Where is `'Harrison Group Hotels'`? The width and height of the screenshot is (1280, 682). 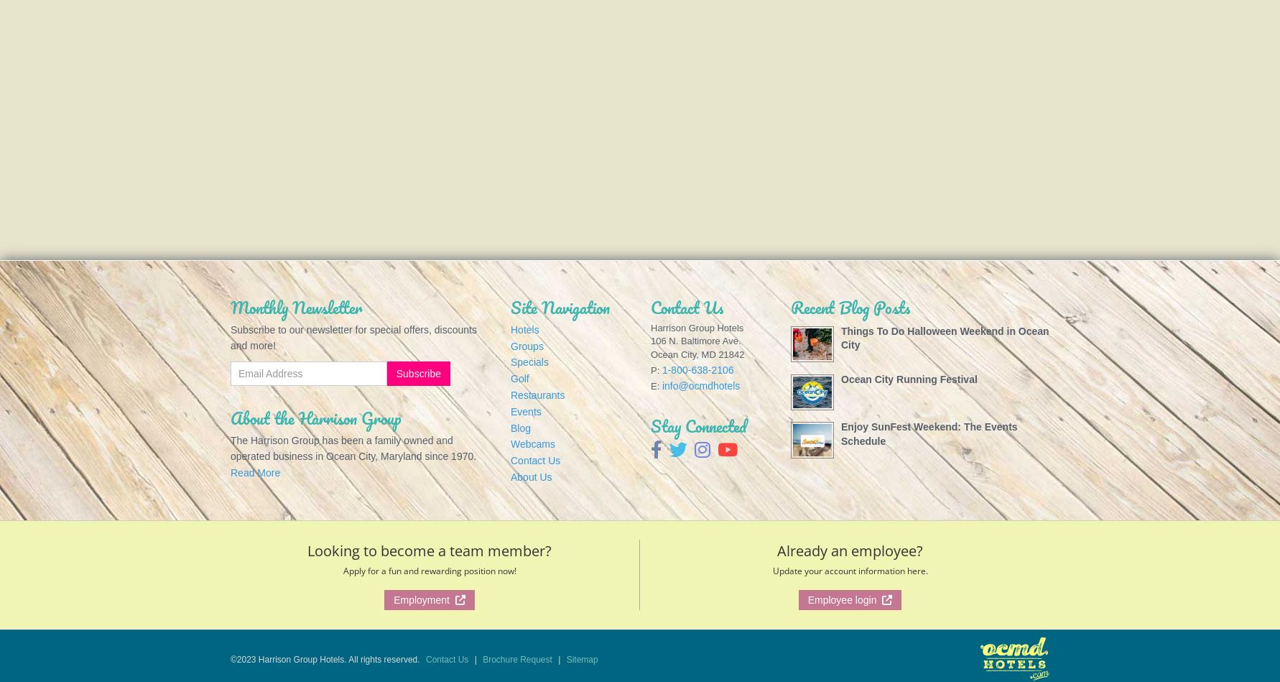
'Harrison Group Hotels' is located at coordinates (697, 327).